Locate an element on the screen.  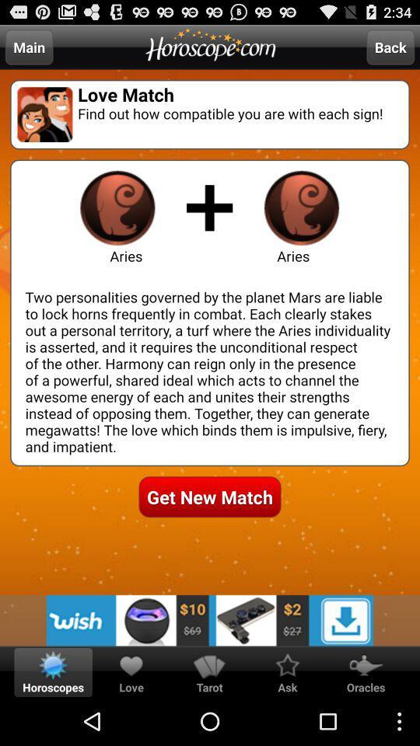
advertisement is located at coordinates (210, 620).